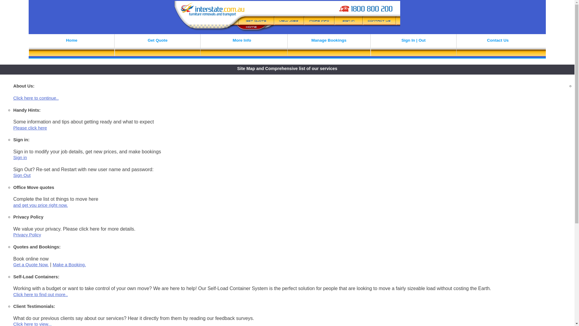 The image size is (579, 326). I want to click on 'Please click here', so click(30, 128).